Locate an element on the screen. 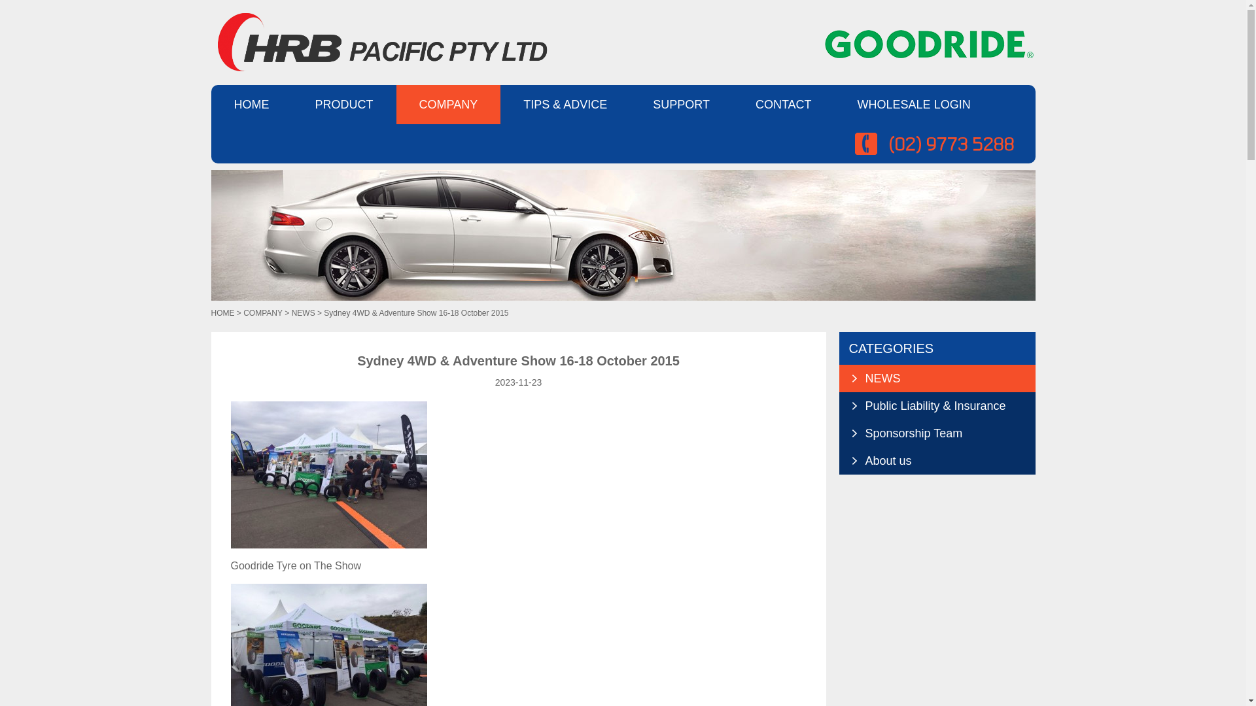  'Public Liability & Insurance' is located at coordinates (935, 405).